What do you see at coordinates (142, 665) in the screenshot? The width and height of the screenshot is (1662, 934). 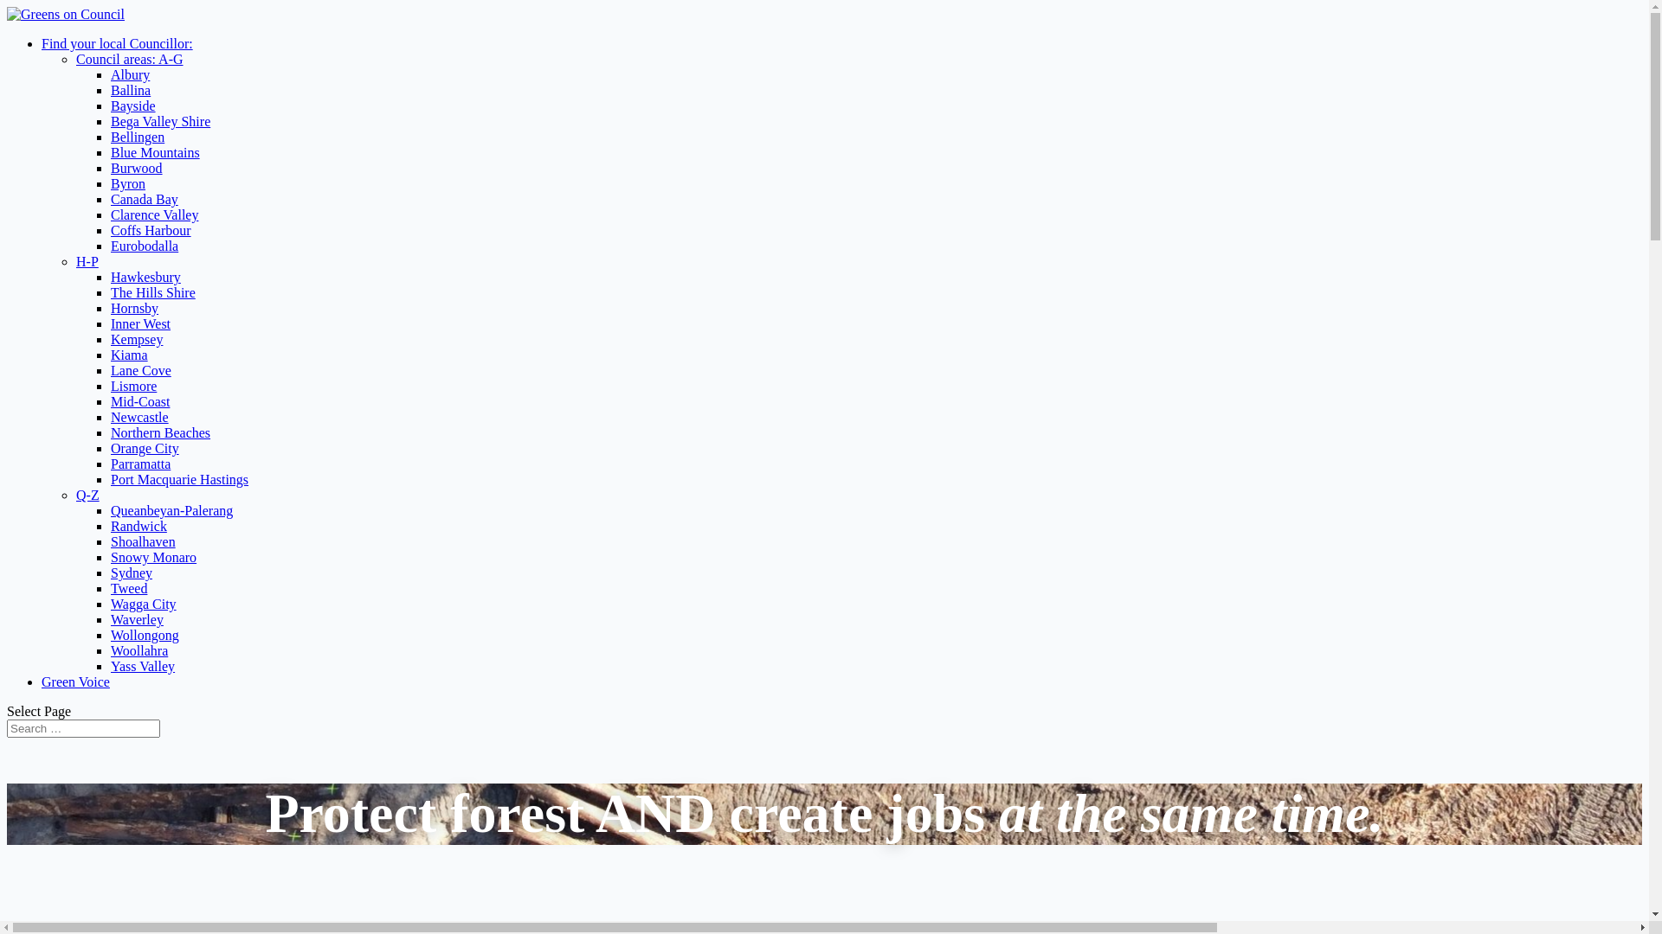 I see `'Yass Valley'` at bounding box center [142, 665].